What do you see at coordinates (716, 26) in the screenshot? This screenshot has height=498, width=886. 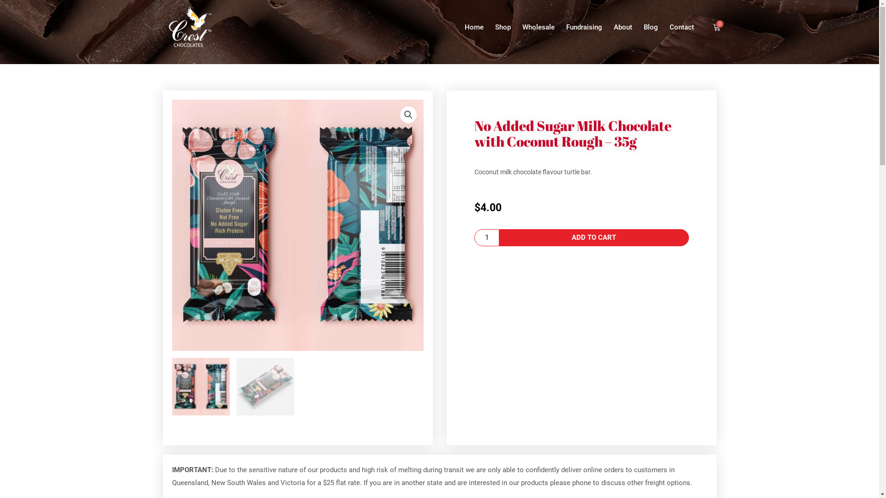 I see `'0` at bounding box center [716, 26].